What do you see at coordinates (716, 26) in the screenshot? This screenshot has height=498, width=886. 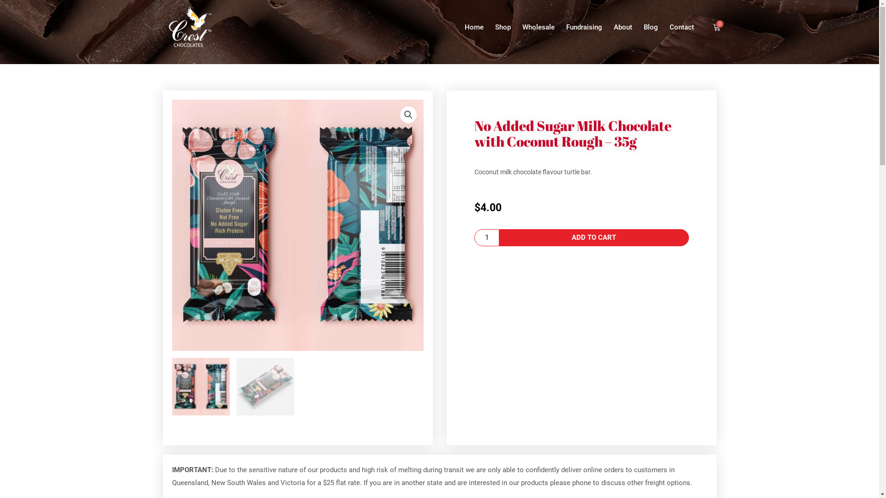 I see `'0` at bounding box center [716, 26].